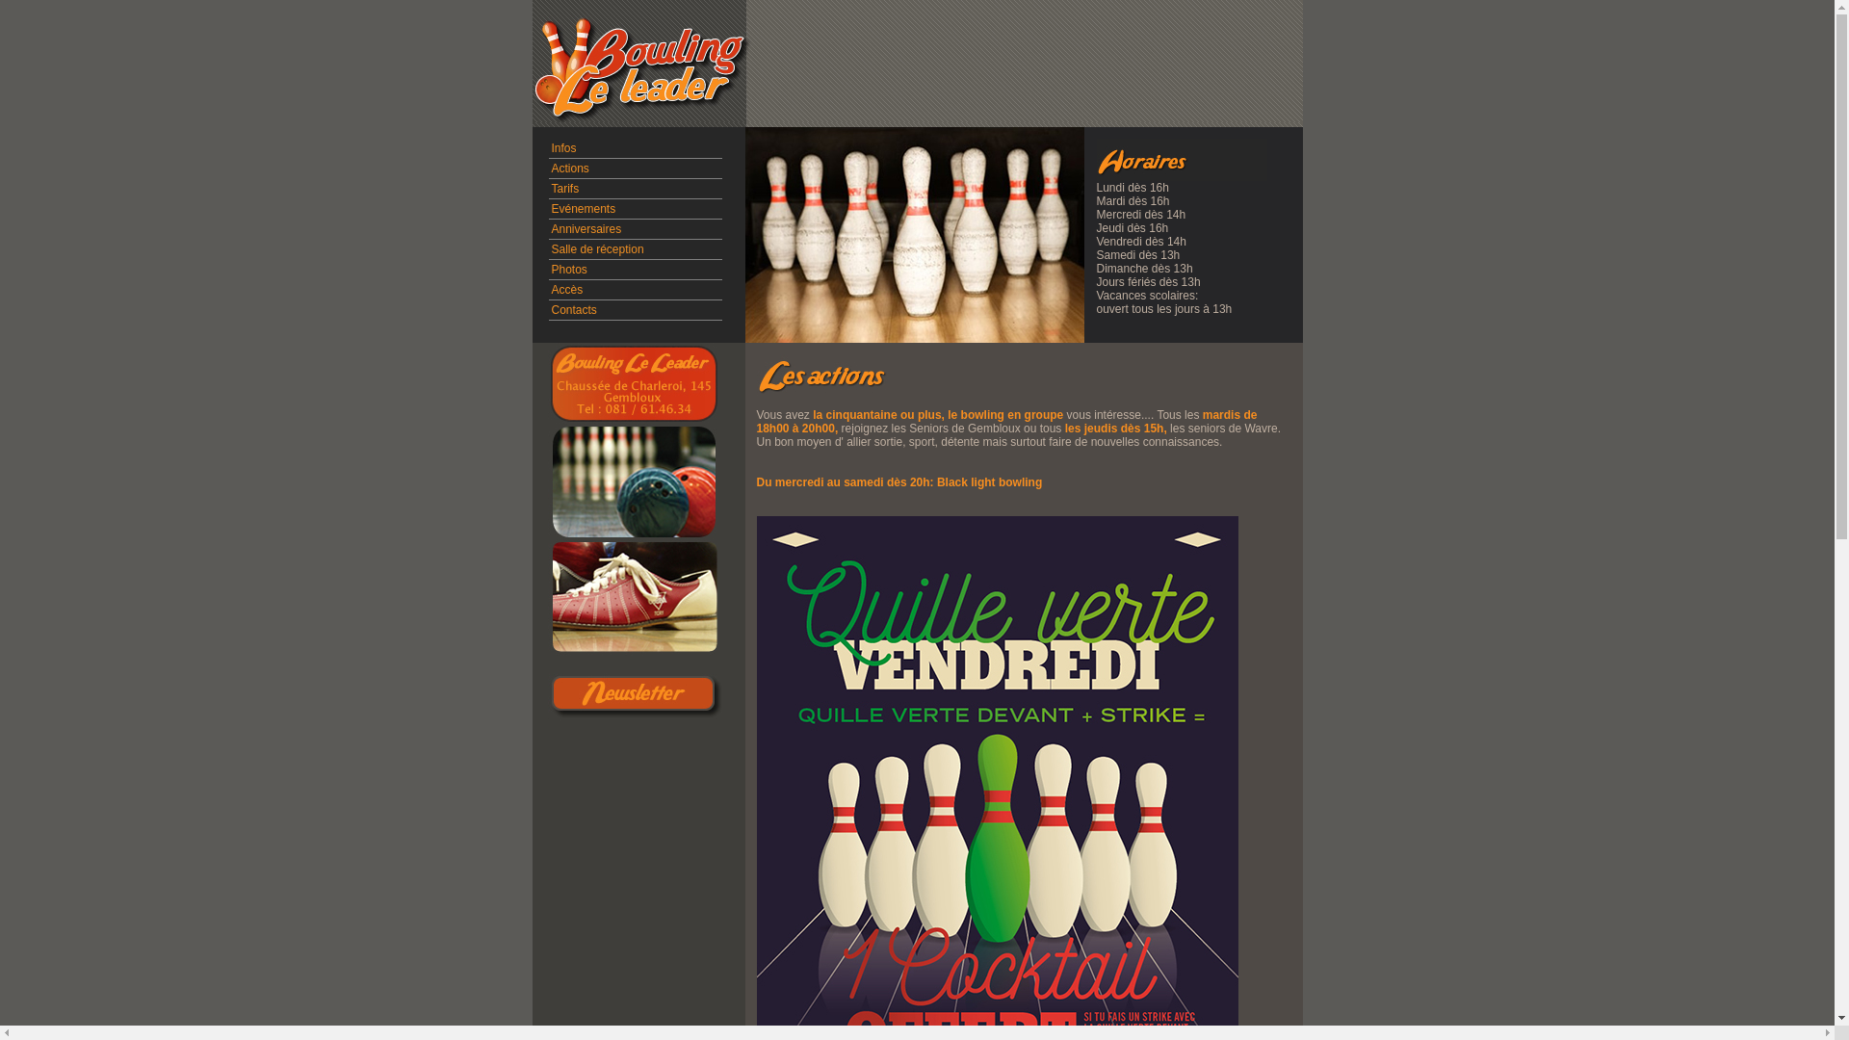 This screenshot has width=1849, height=1040. I want to click on 'Actions', so click(549, 167).